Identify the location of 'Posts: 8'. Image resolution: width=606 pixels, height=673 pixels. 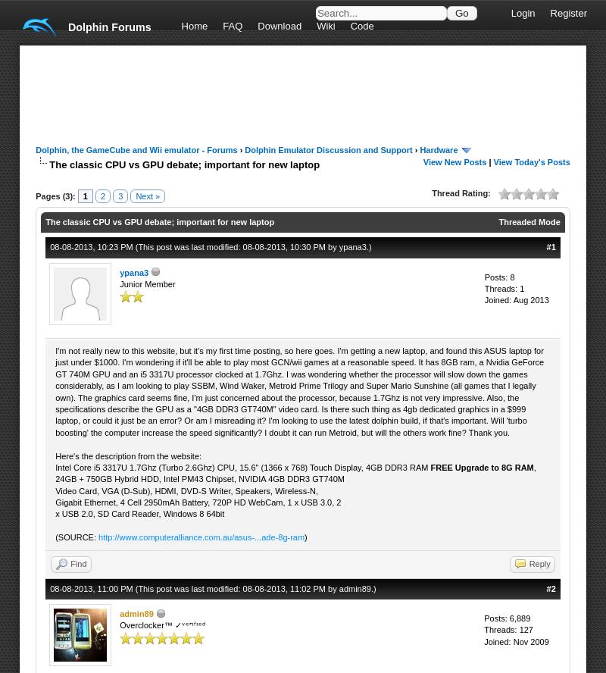
(498, 276).